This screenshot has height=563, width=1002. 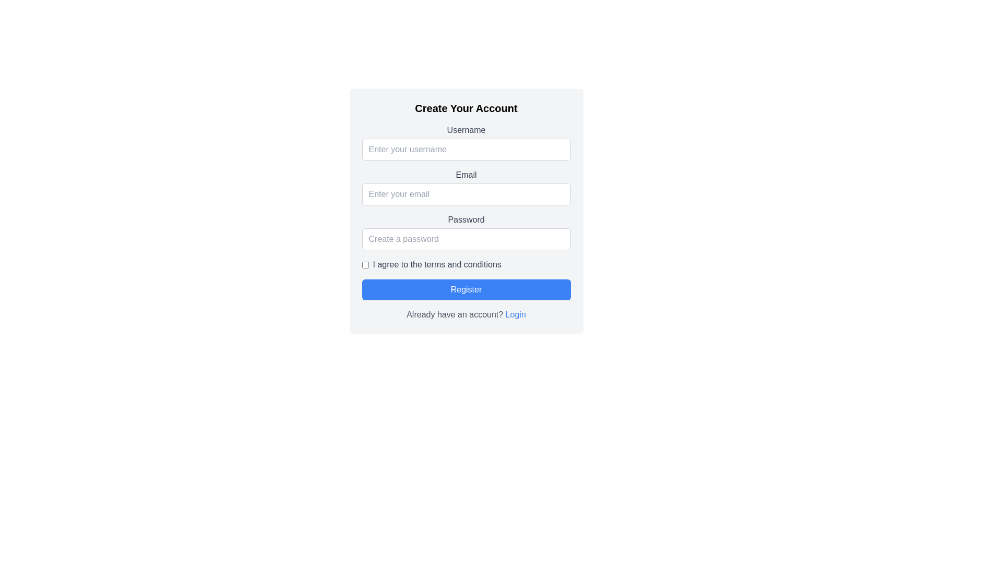 I want to click on the 'Register' button, which is a rectangular button with a blue background and white text, located at the bottom of the form, below the terms checkbox and above the login link, so click(x=466, y=289).